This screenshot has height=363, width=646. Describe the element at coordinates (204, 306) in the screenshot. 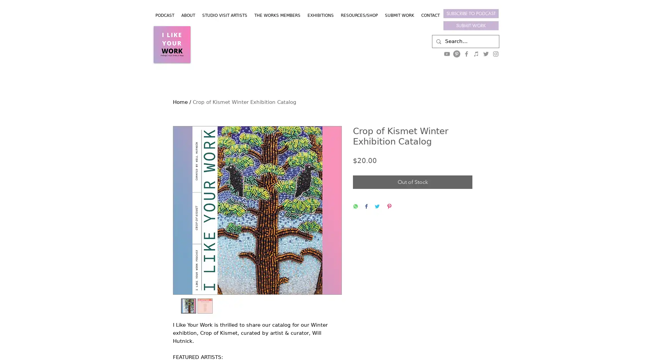

I see `Thumbnail: Crop of Kismet Winter Exhibition Catalog` at that location.